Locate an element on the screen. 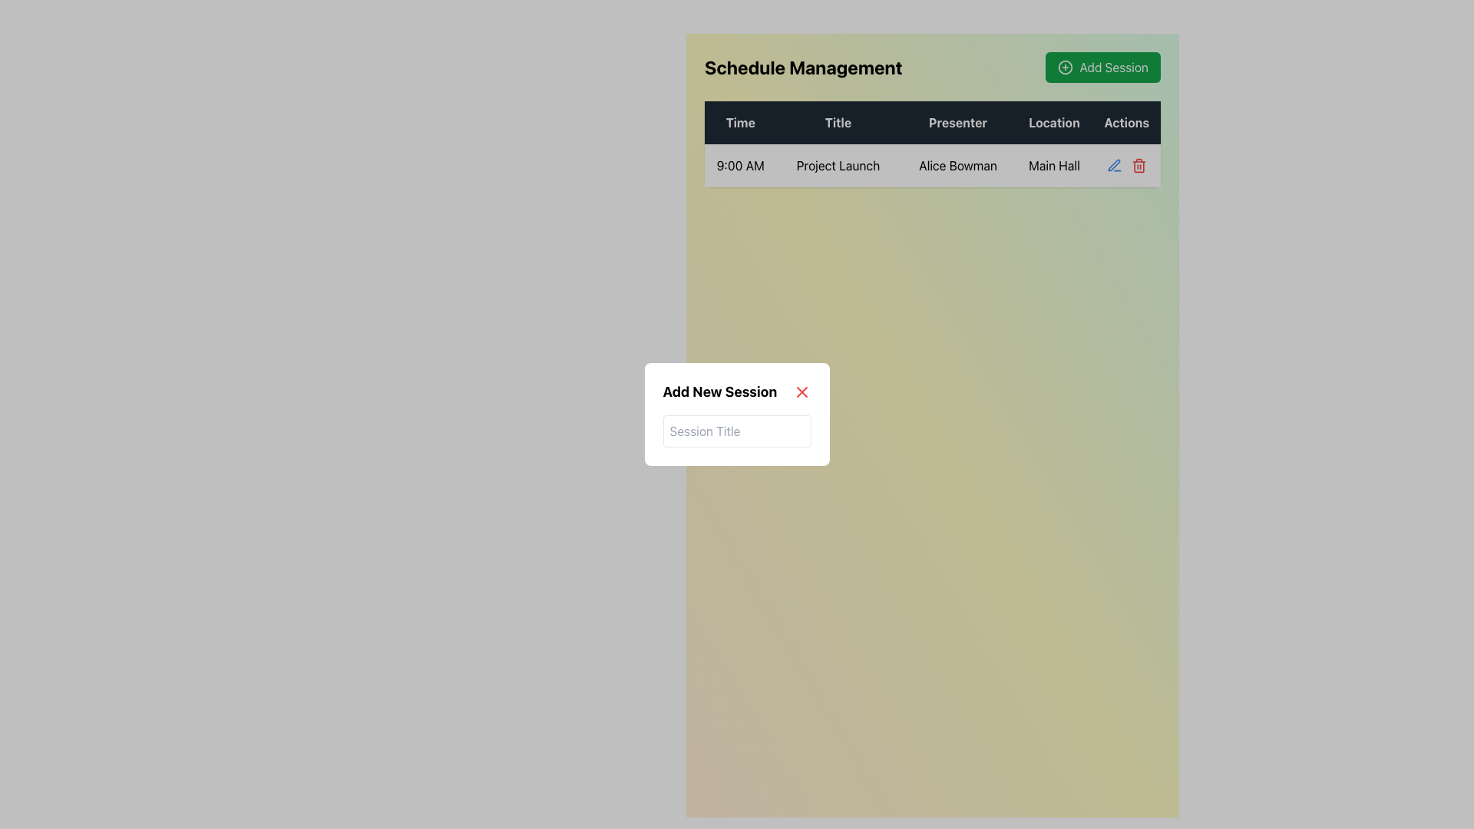 This screenshot has height=829, width=1474. the 'Schedule Management' text label, which is a prominently styled heading located at the top-left of the main content area is located at coordinates (802, 67).